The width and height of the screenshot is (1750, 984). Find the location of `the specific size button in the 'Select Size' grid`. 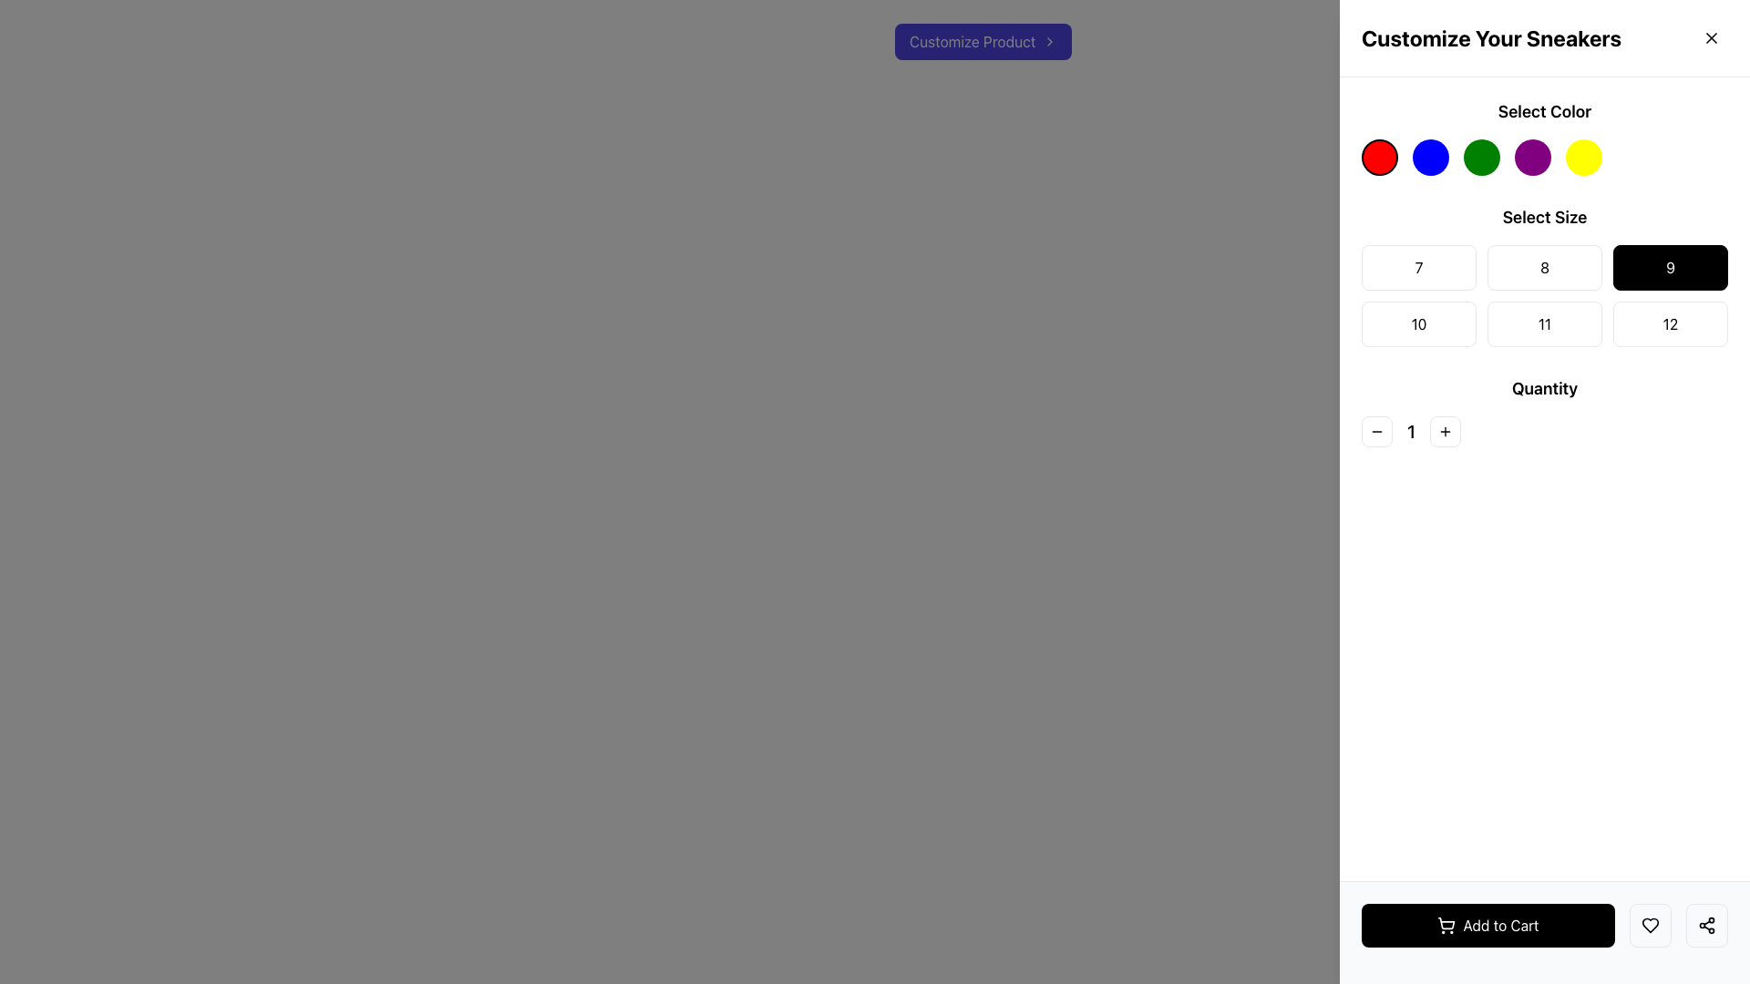

the specific size button in the 'Select Size' grid is located at coordinates (1543, 276).